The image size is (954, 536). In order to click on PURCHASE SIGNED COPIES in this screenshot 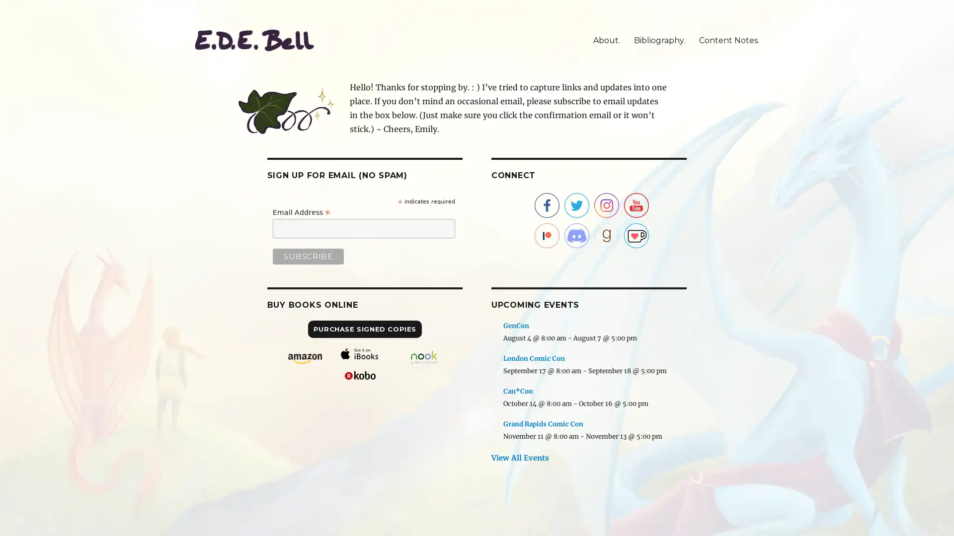, I will do `click(364, 329)`.